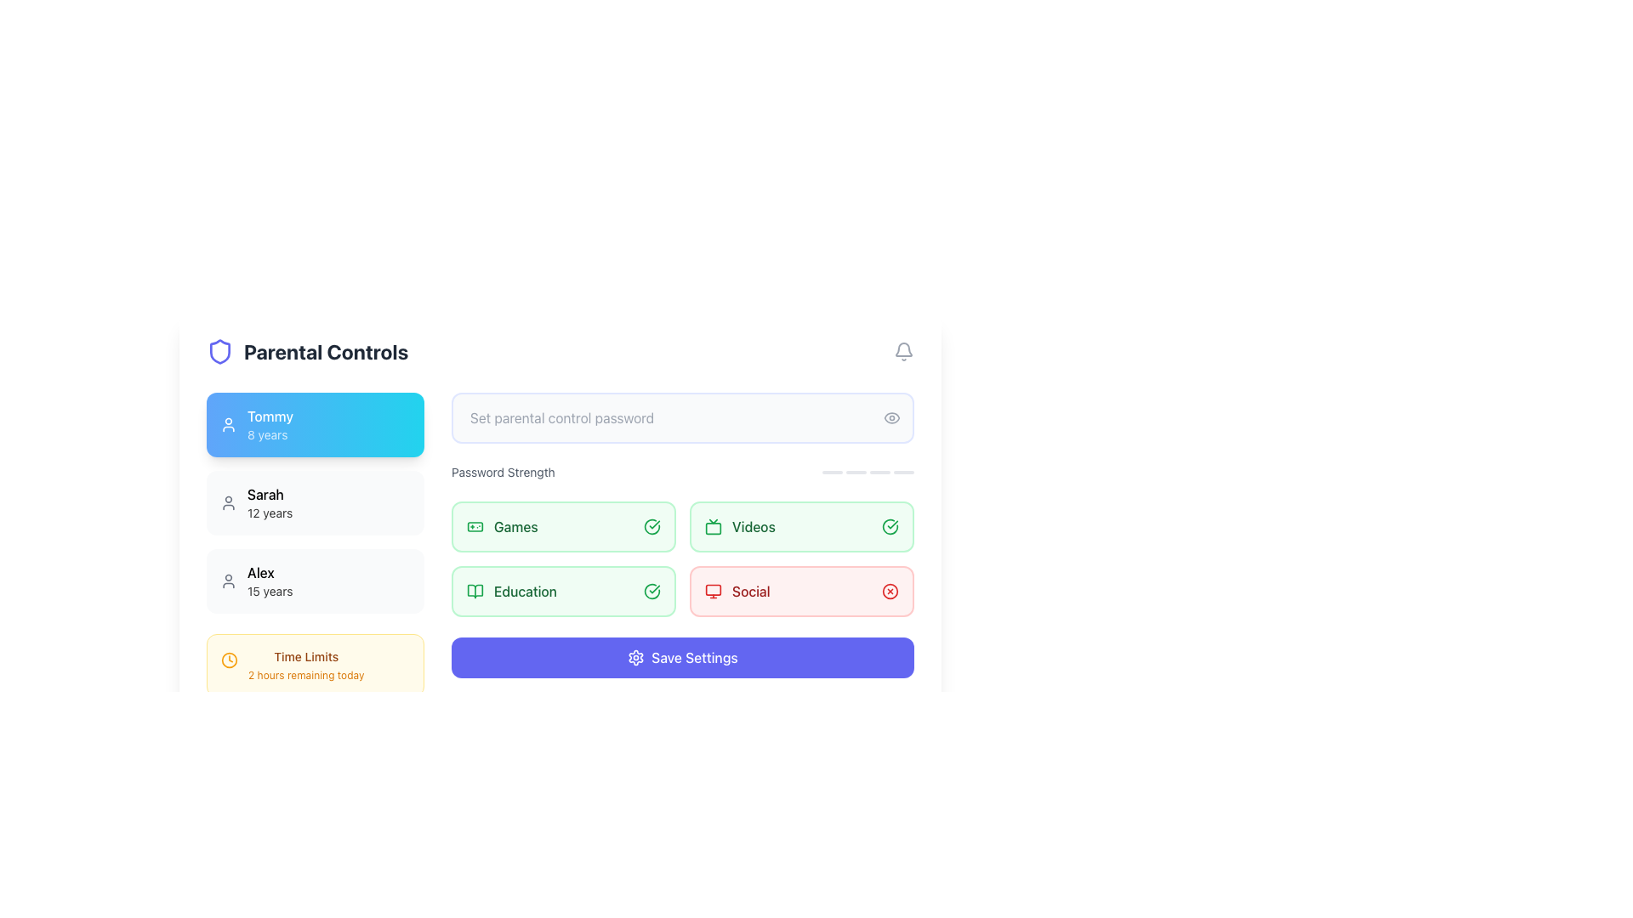  Describe the element at coordinates (269, 573) in the screenshot. I see `label representing the name of the user in the third entry of the list, following 'Tommy' and 'Sarah', for identification purposes` at that location.